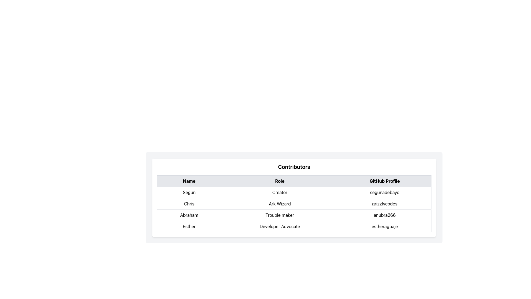 This screenshot has width=531, height=299. I want to click on the 'Name' header cell in the table, which is the first cell in the top row and displays the text in bold on a light gray background, so click(189, 181).